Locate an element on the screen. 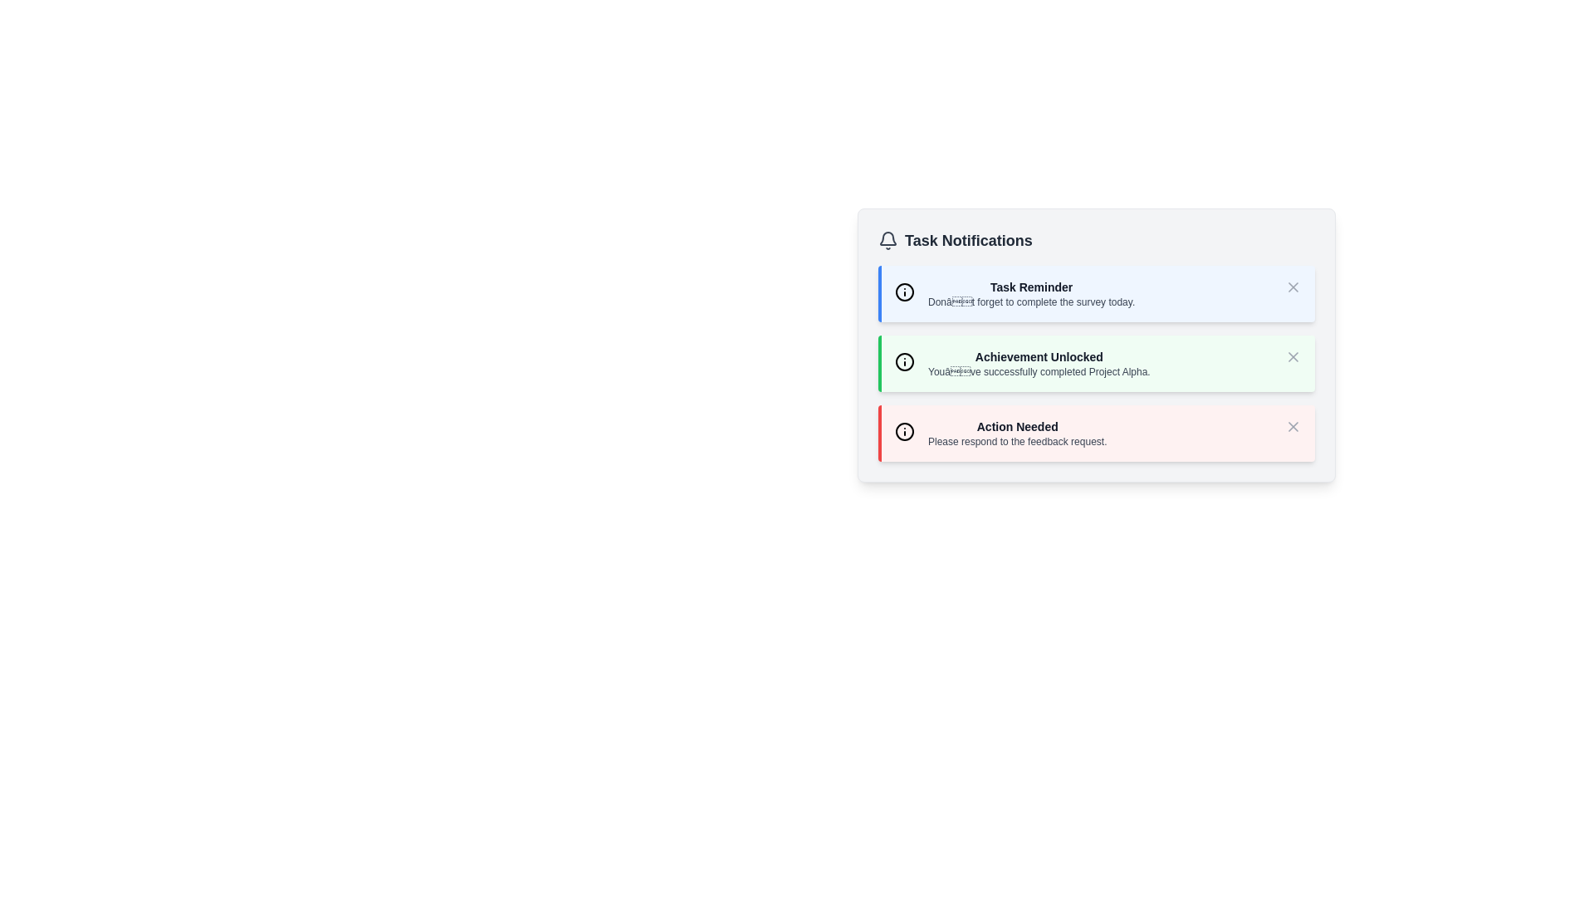 This screenshot has width=1594, height=897. the text block containing the title 'Task Reminder' and subtitle 'Don’t forget to complete the survey today', which is styled in a light blue rectangular area within the first notification card is located at coordinates (1030, 293).